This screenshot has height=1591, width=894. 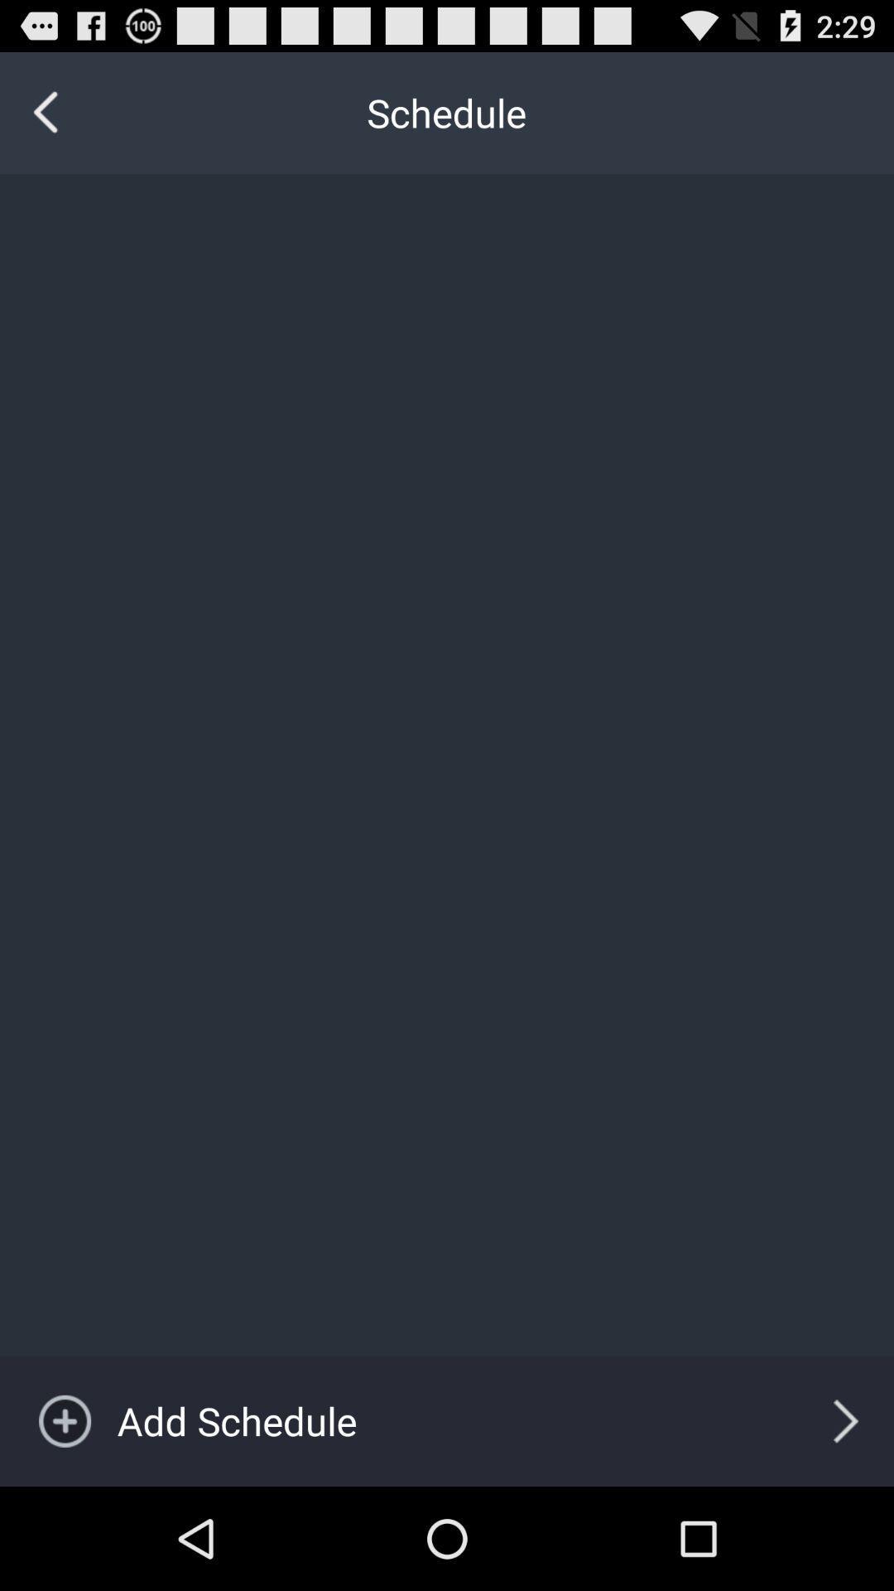 What do you see at coordinates (46, 120) in the screenshot?
I see `the arrow_backward icon` at bounding box center [46, 120].